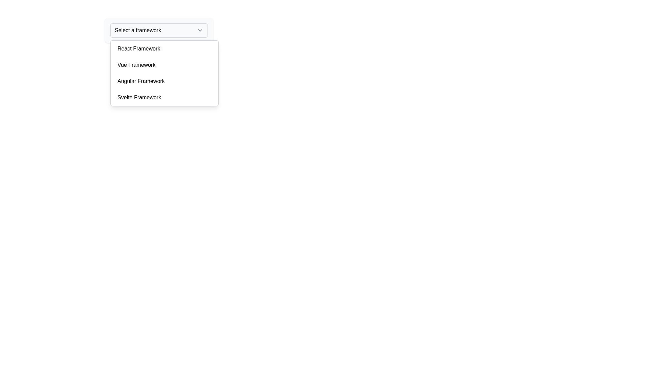 The image size is (650, 366). I want to click on the first item in the drop-down list, so click(164, 48).